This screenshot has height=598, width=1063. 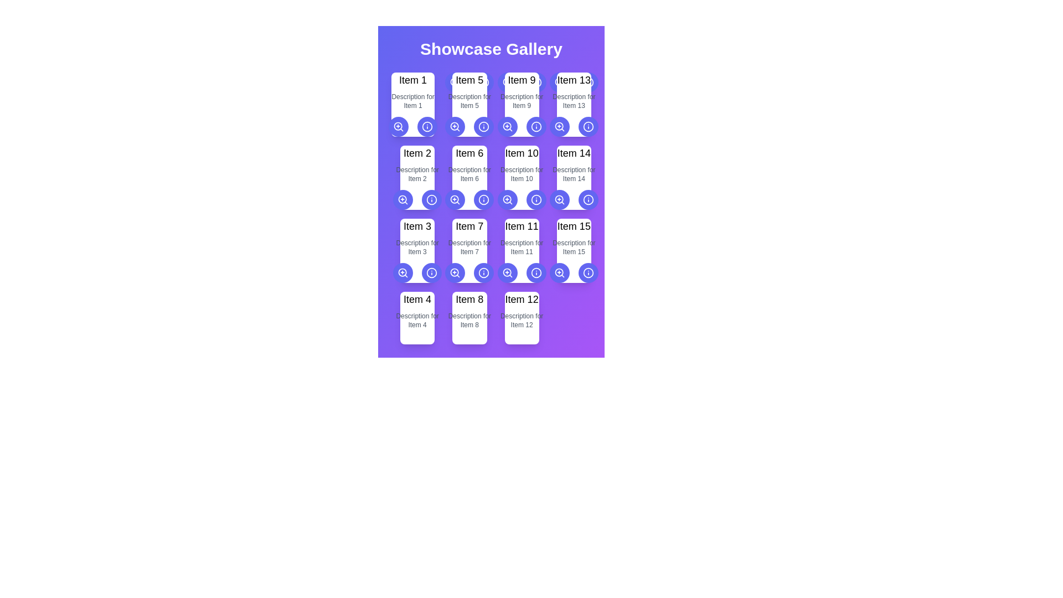 What do you see at coordinates (536, 126) in the screenshot?
I see `the circular interactive button associated with 'Item 9' located in the fourth column of the first row in the grid layout` at bounding box center [536, 126].